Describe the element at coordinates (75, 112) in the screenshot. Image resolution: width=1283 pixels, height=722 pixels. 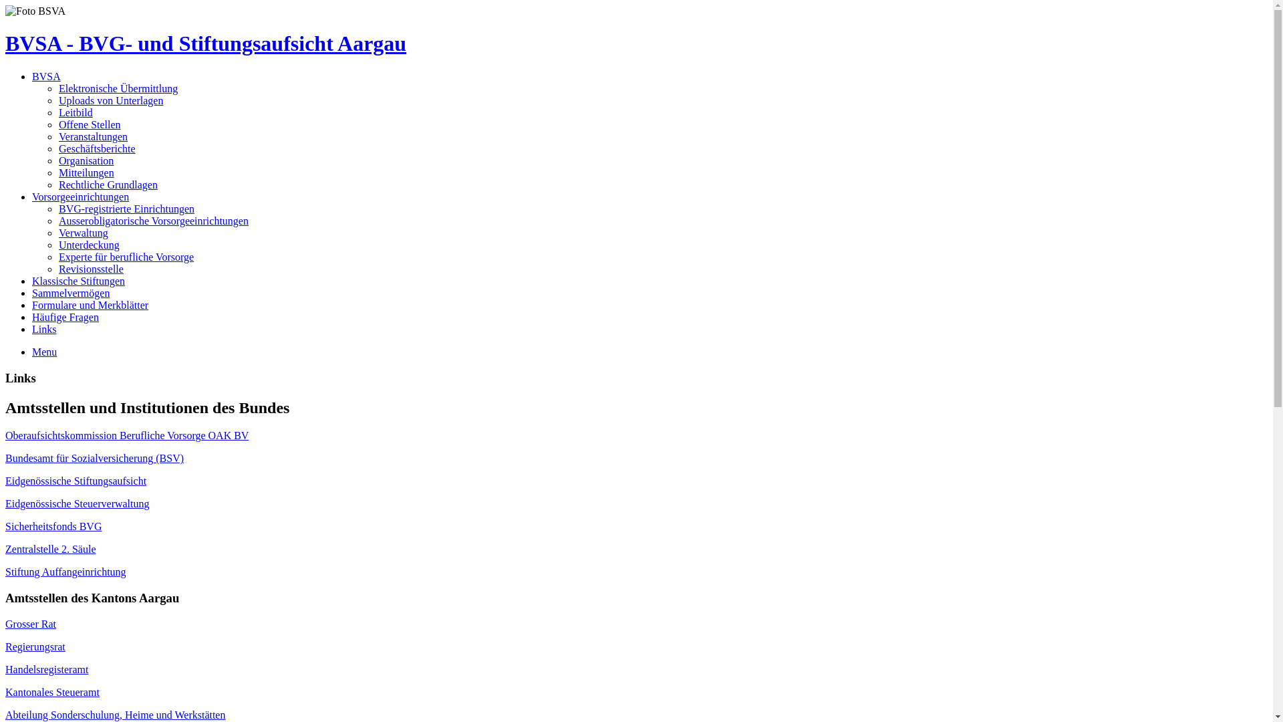
I see `'Leitbild'` at that location.